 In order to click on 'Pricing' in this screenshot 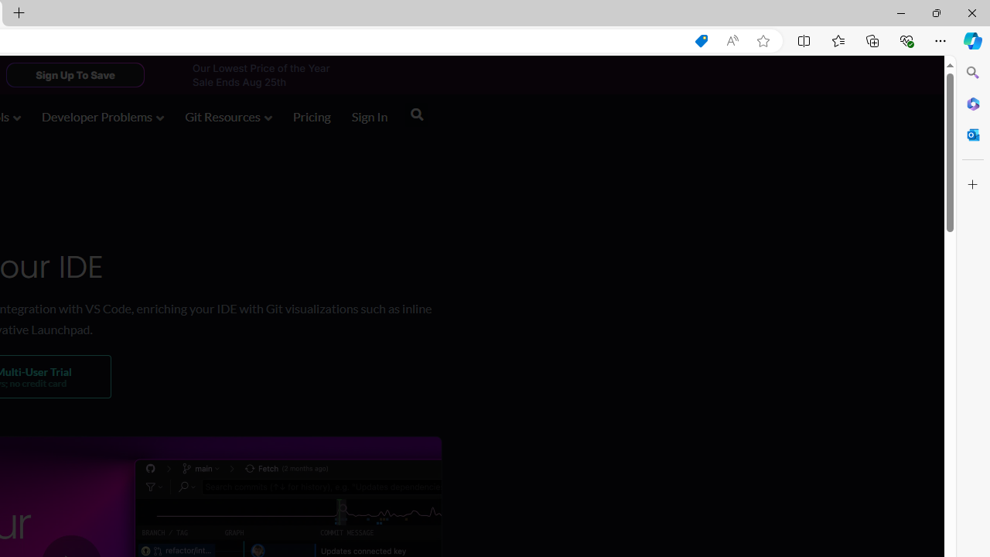, I will do `click(311, 118)`.